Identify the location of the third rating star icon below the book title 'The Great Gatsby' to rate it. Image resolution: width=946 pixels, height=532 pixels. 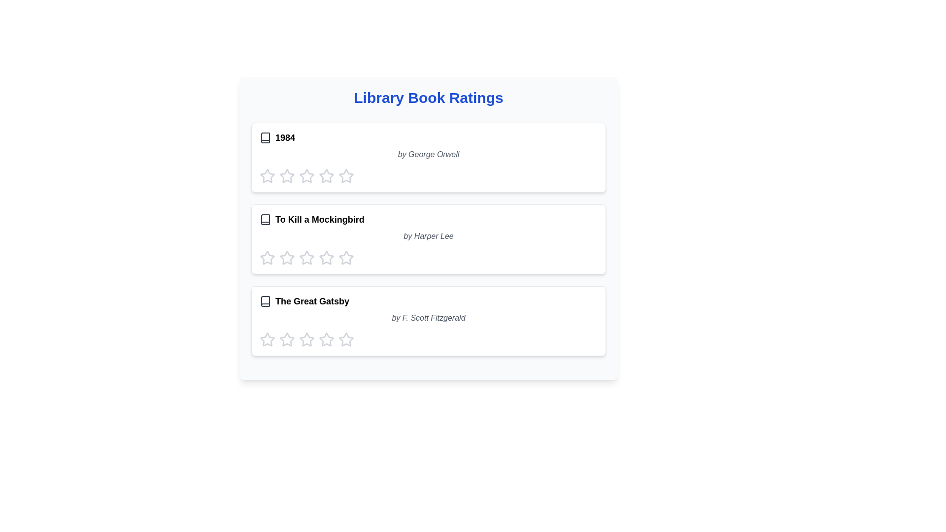
(286, 339).